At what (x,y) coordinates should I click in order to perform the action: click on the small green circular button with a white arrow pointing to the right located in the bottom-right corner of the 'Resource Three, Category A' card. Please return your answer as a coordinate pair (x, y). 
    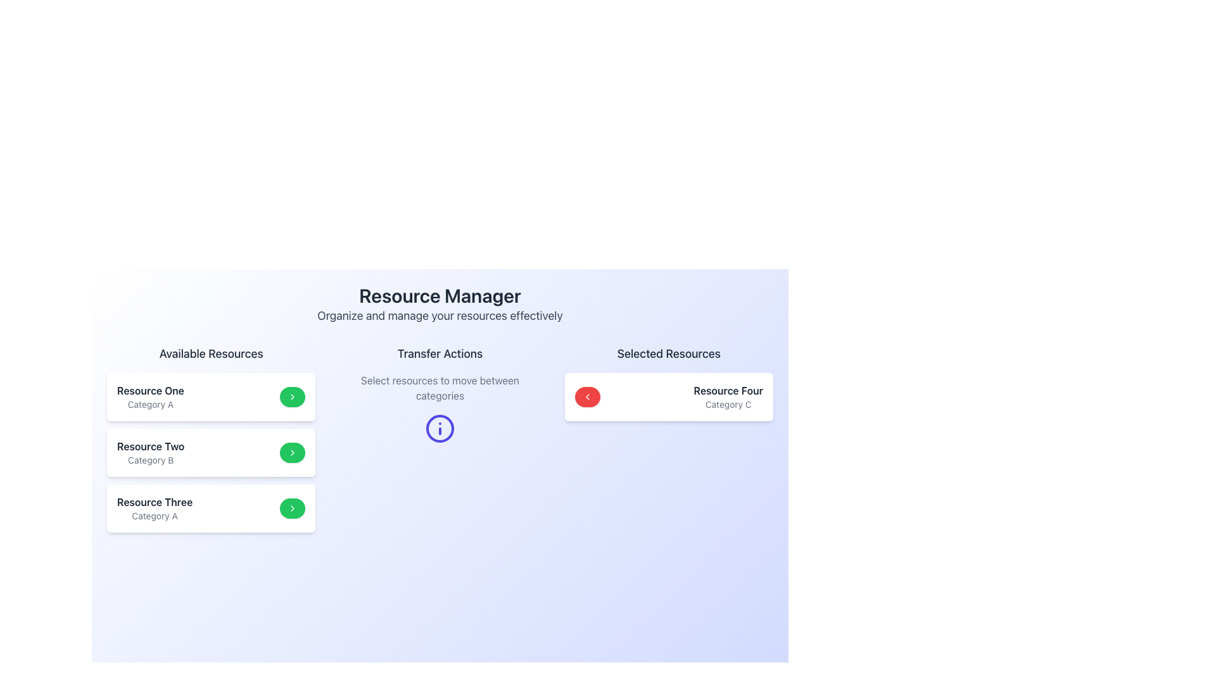
    Looking at the image, I should click on (292, 507).